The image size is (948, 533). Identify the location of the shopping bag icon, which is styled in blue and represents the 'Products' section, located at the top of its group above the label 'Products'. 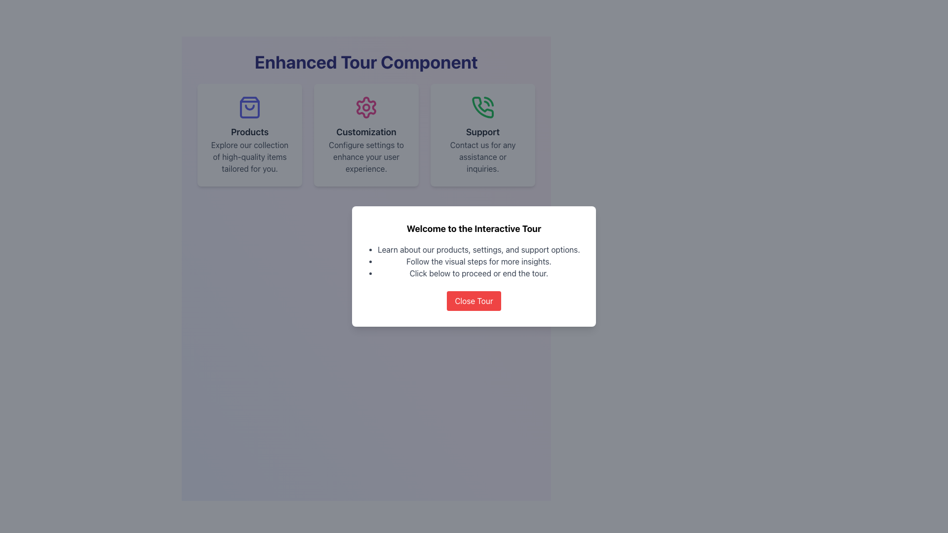
(249, 108).